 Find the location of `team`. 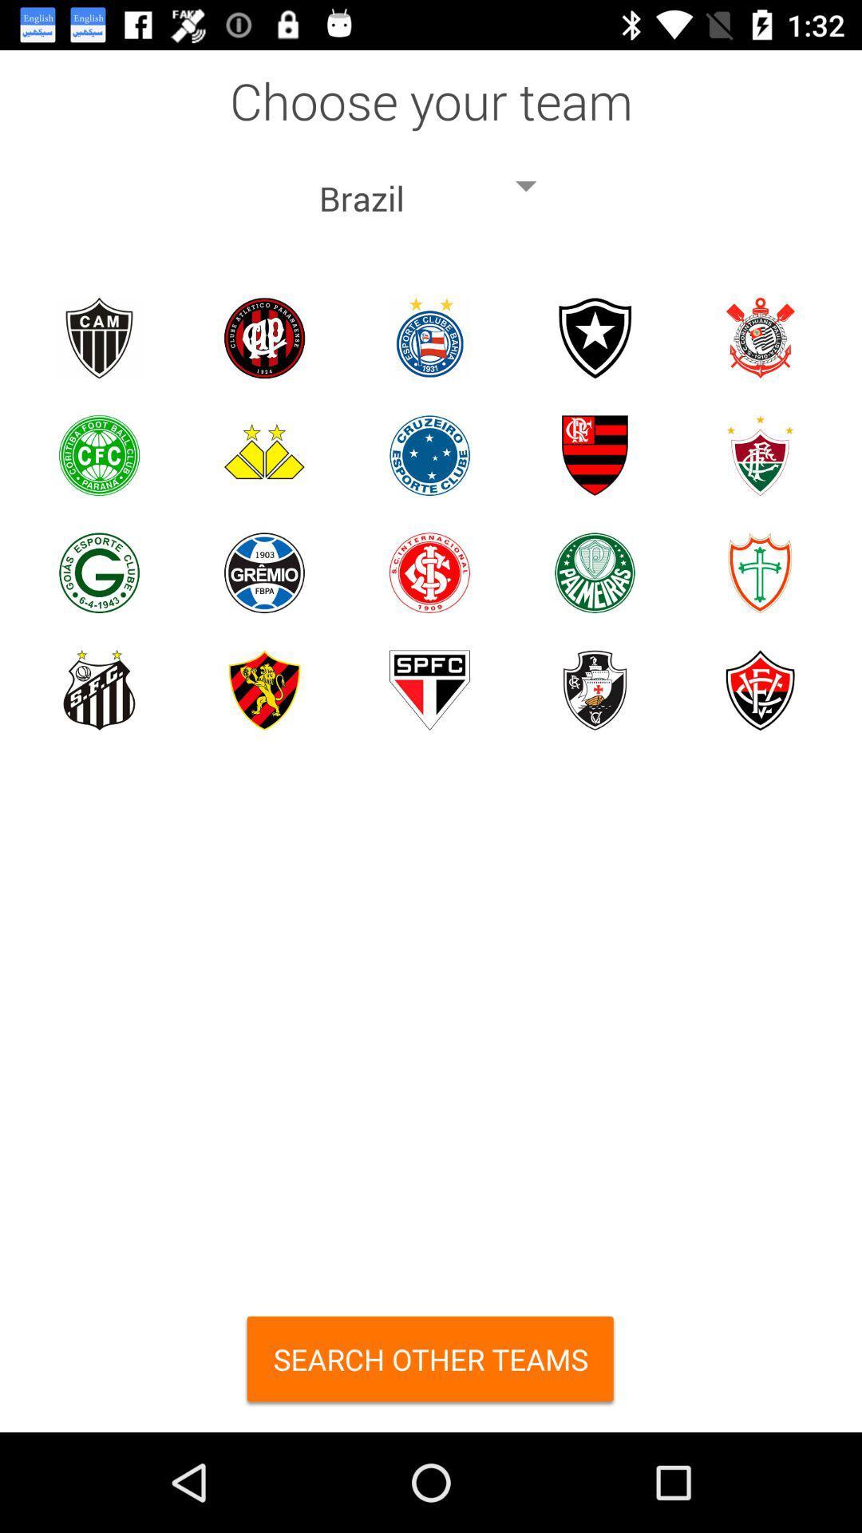

team is located at coordinates (263, 337).